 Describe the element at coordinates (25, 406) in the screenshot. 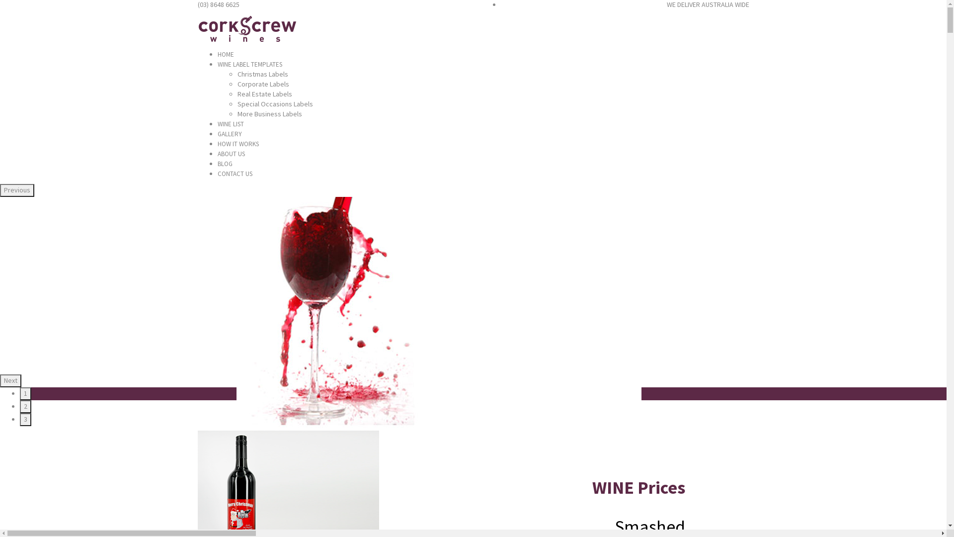

I see `'2'` at that location.